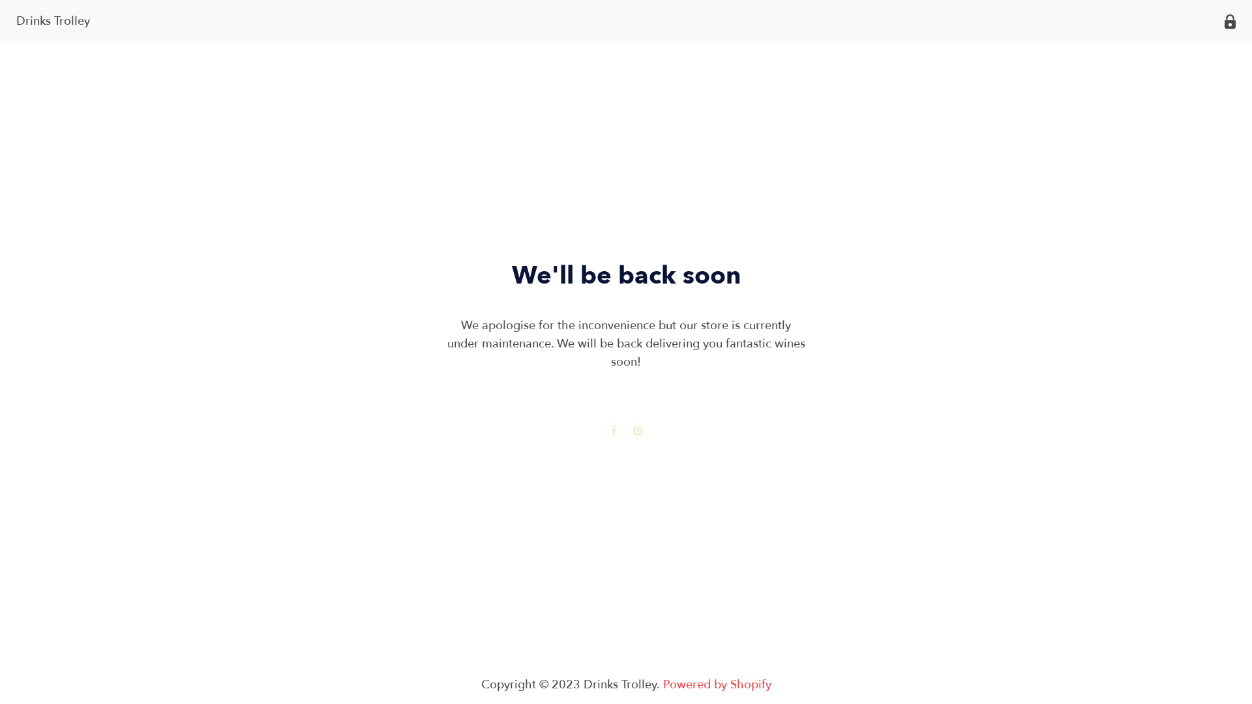 The image size is (1252, 704). What do you see at coordinates (613, 430) in the screenshot?
I see `'Find us on Facebook'` at bounding box center [613, 430].